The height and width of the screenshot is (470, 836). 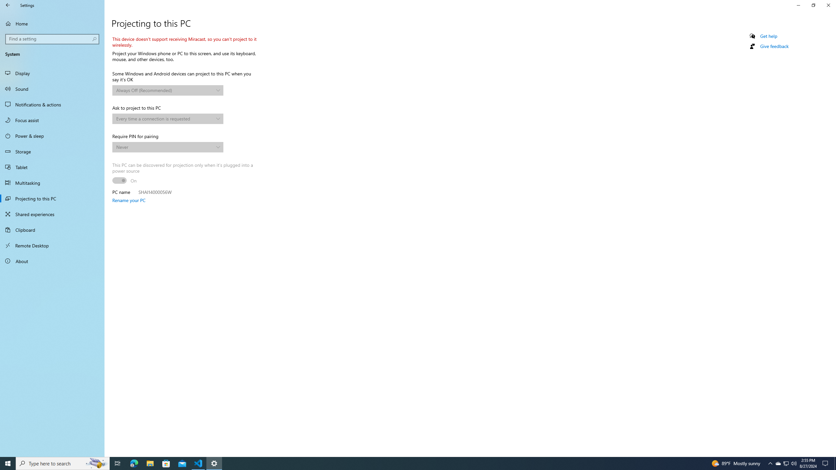 What do you see at coordinates (52, 213) in the screenshot?
I see `'Shared experiences'` at bounding box center [52, 213].